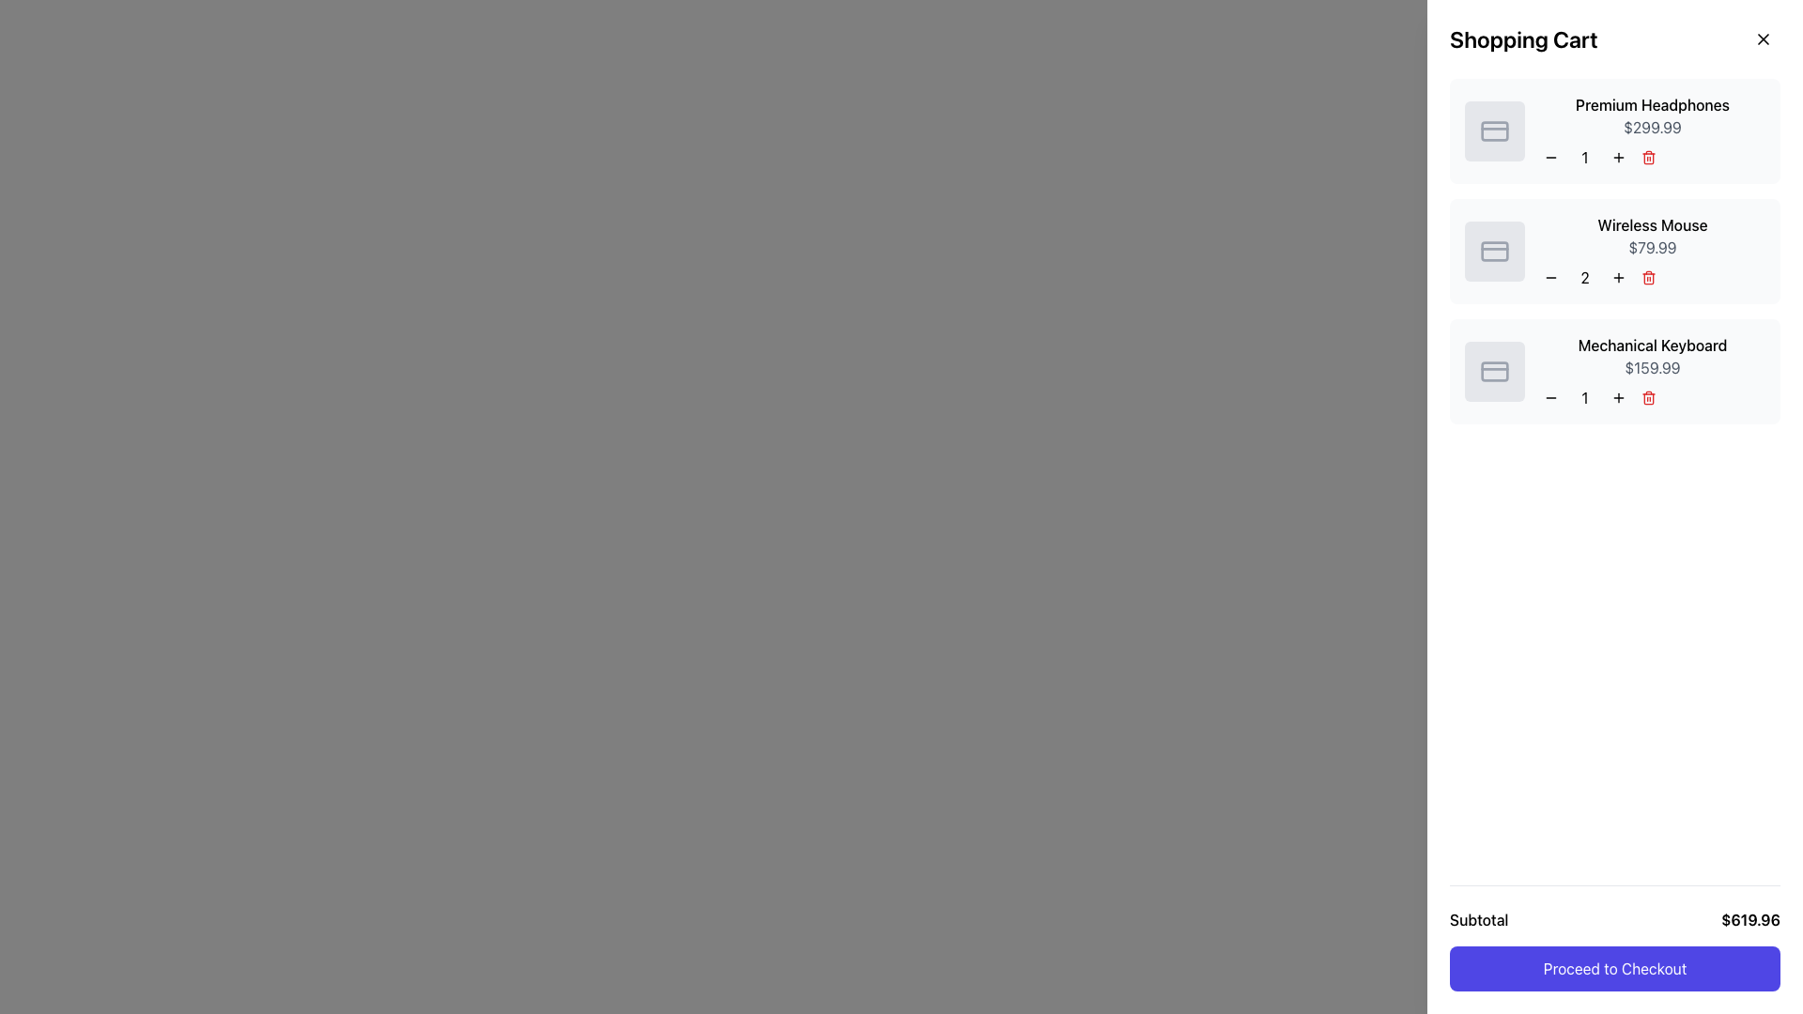 Image resolution: width=1803 pixels, height=1014 pixels. I want to click on the 'Subtotal' text label located in the shopping cart summary section, which is positioned to the left of the '$619.96' value, so click(1478, 918).